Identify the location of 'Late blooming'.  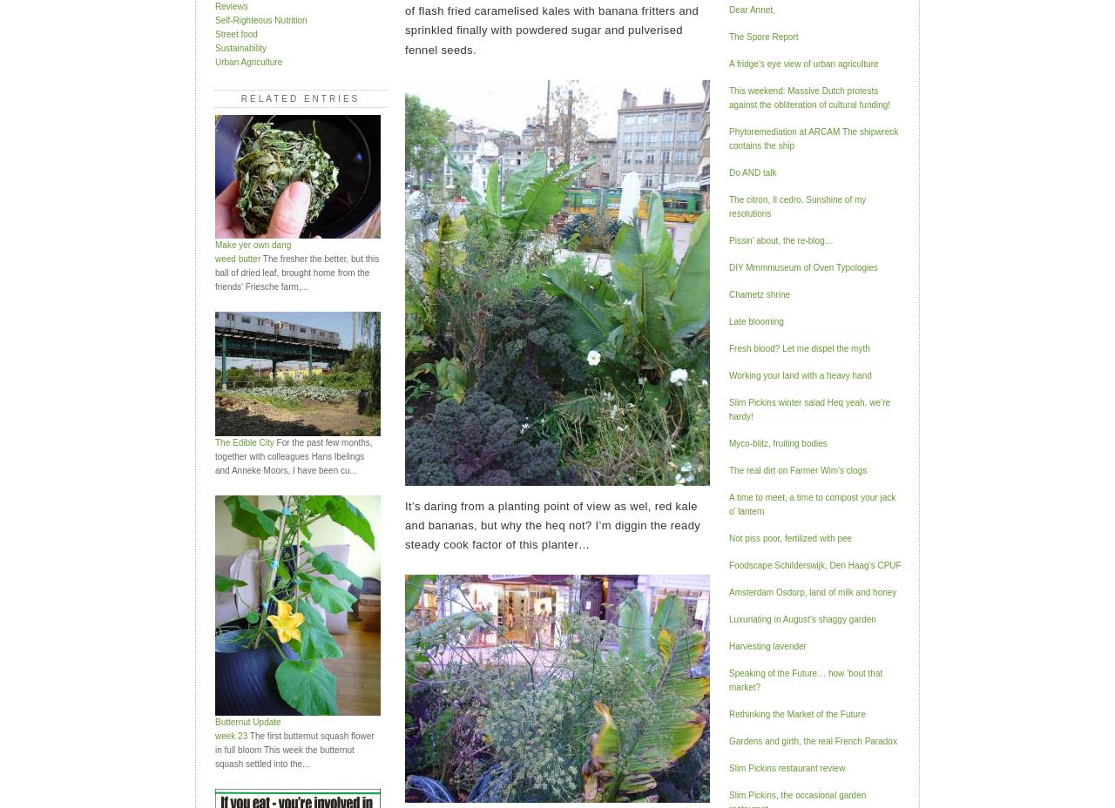
(755, 321).